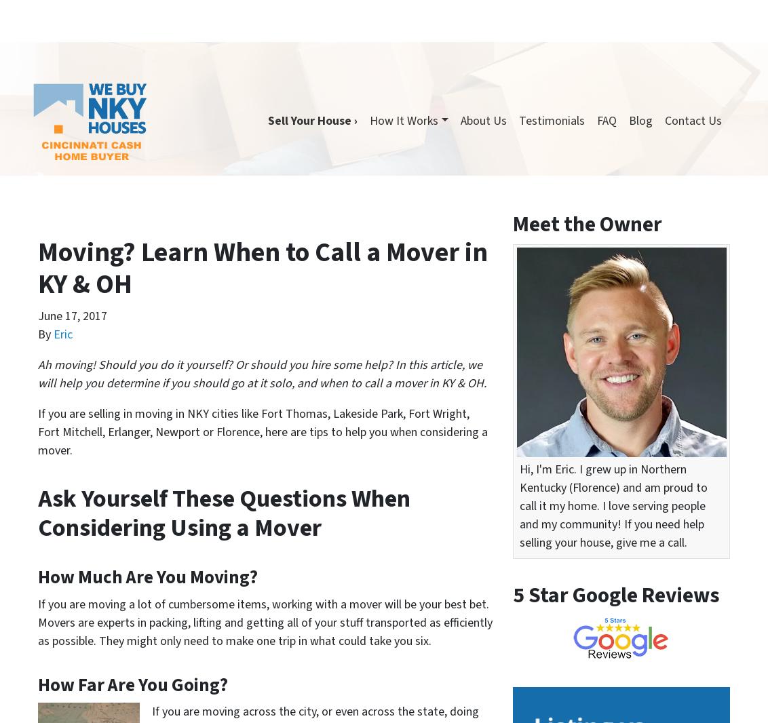 This screenshot has height=723, width=768. Describe the element at coordinates (710, 53) in the screenshot. I see `'About Us'` at that location.